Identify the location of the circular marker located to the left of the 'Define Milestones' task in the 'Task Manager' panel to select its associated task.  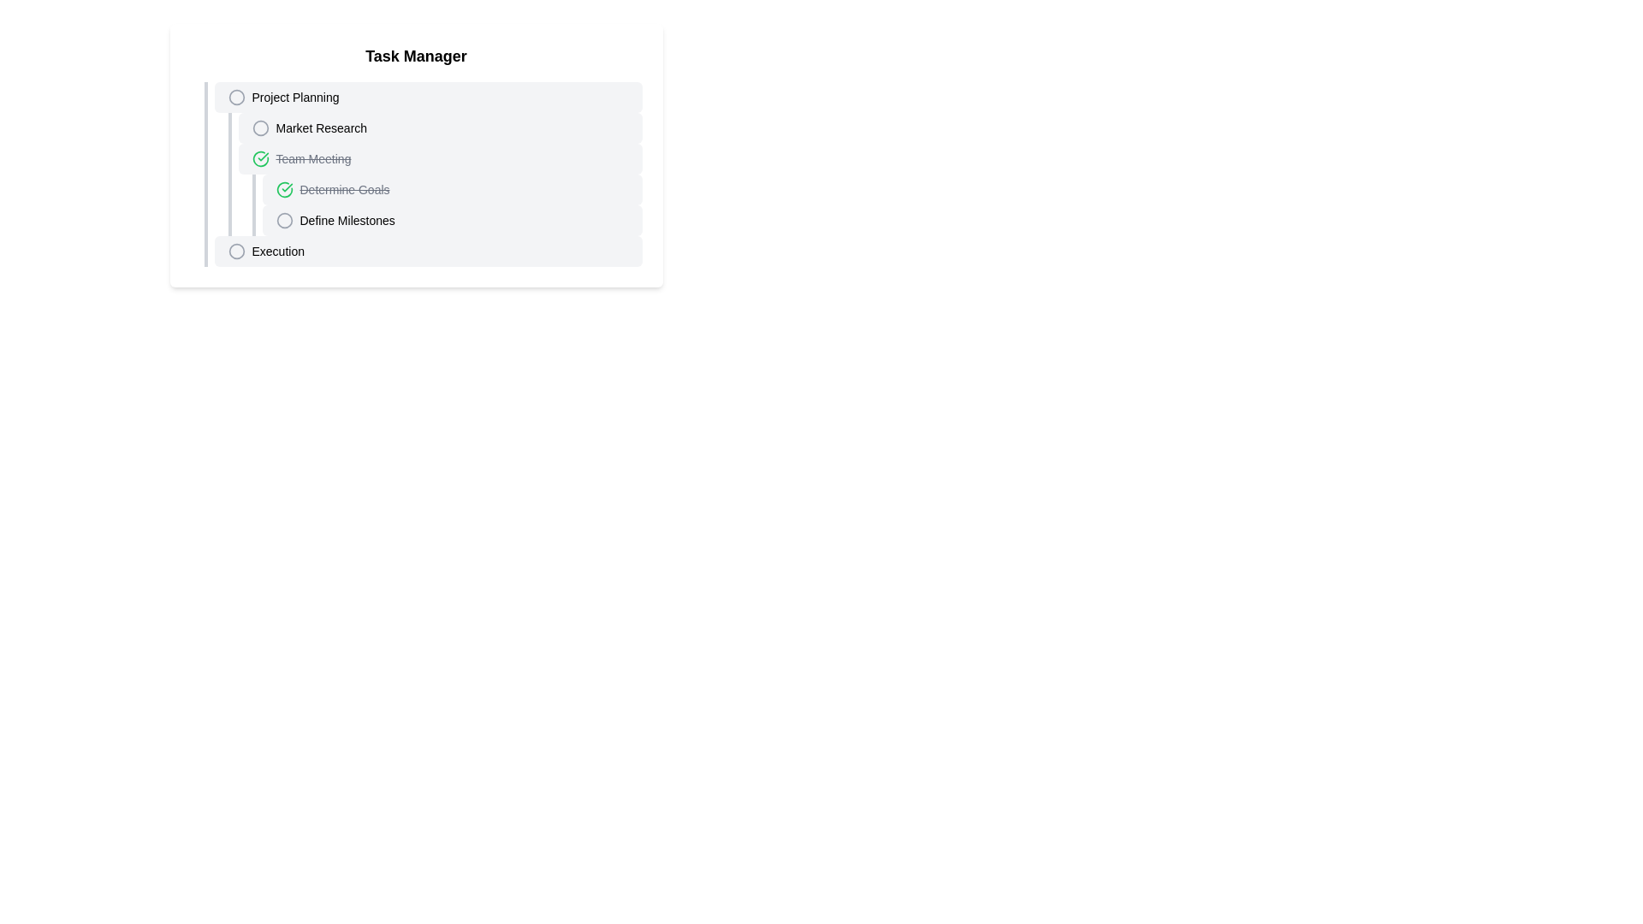
(284, 220).